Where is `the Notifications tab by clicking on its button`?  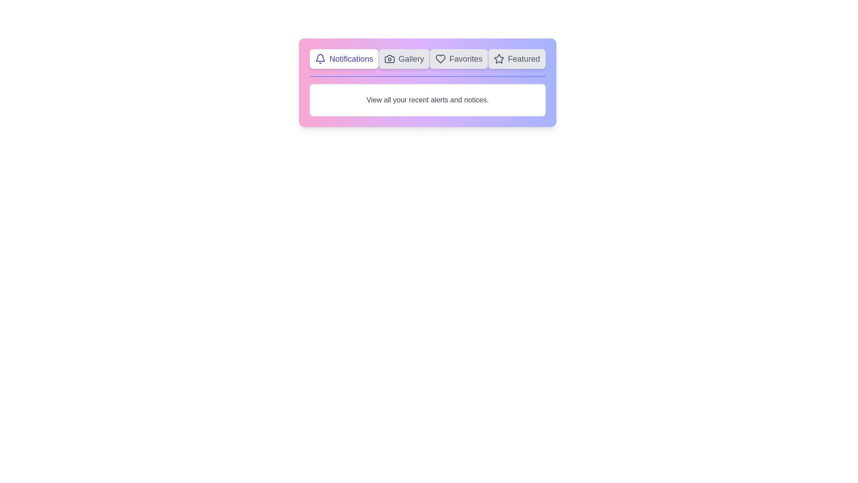
the Notifications tab by clicking on its button is located at coordinates (343, 59).